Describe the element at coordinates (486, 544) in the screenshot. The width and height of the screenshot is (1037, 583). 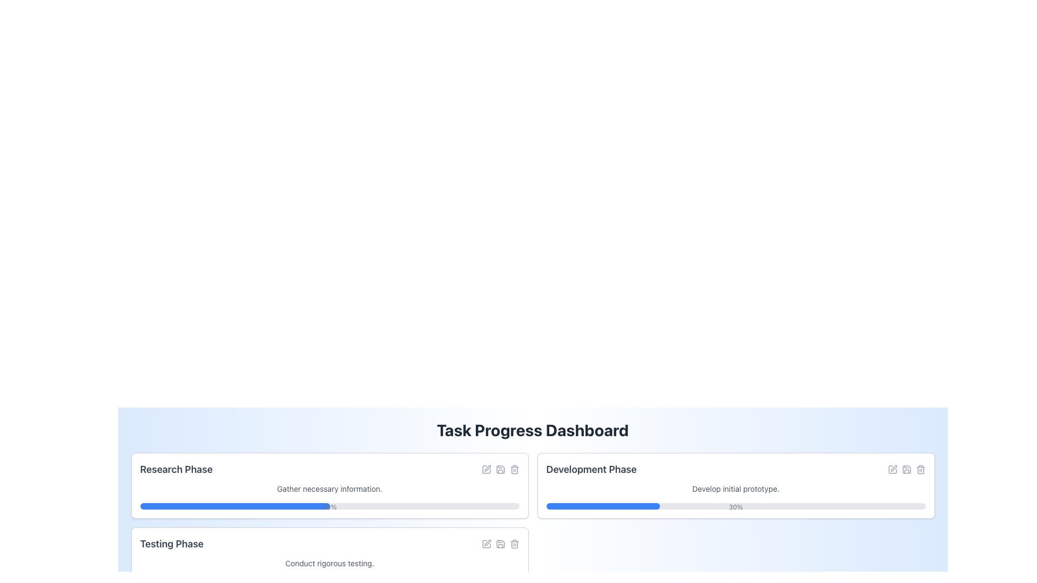
I see `the edit button icon located to the right of the 'Testing Phase' section` at that location.